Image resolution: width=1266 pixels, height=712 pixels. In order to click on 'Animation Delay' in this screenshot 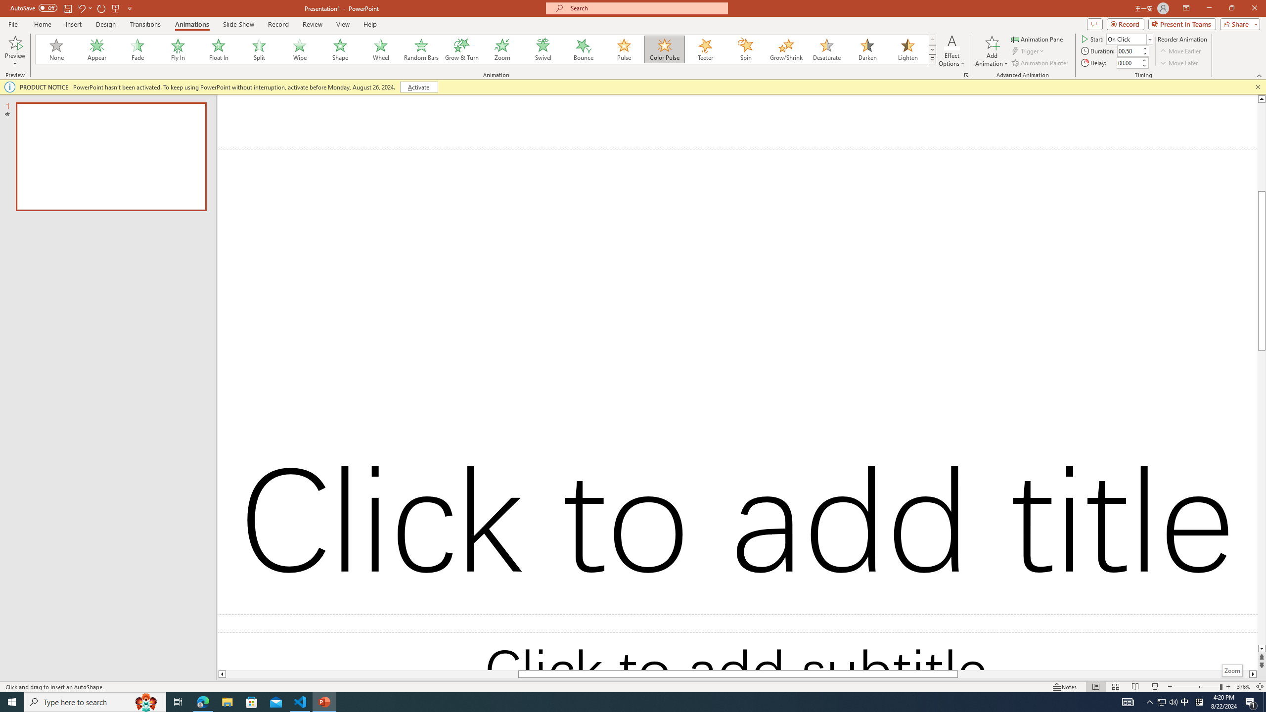, I will do `click(1127, 62)`.